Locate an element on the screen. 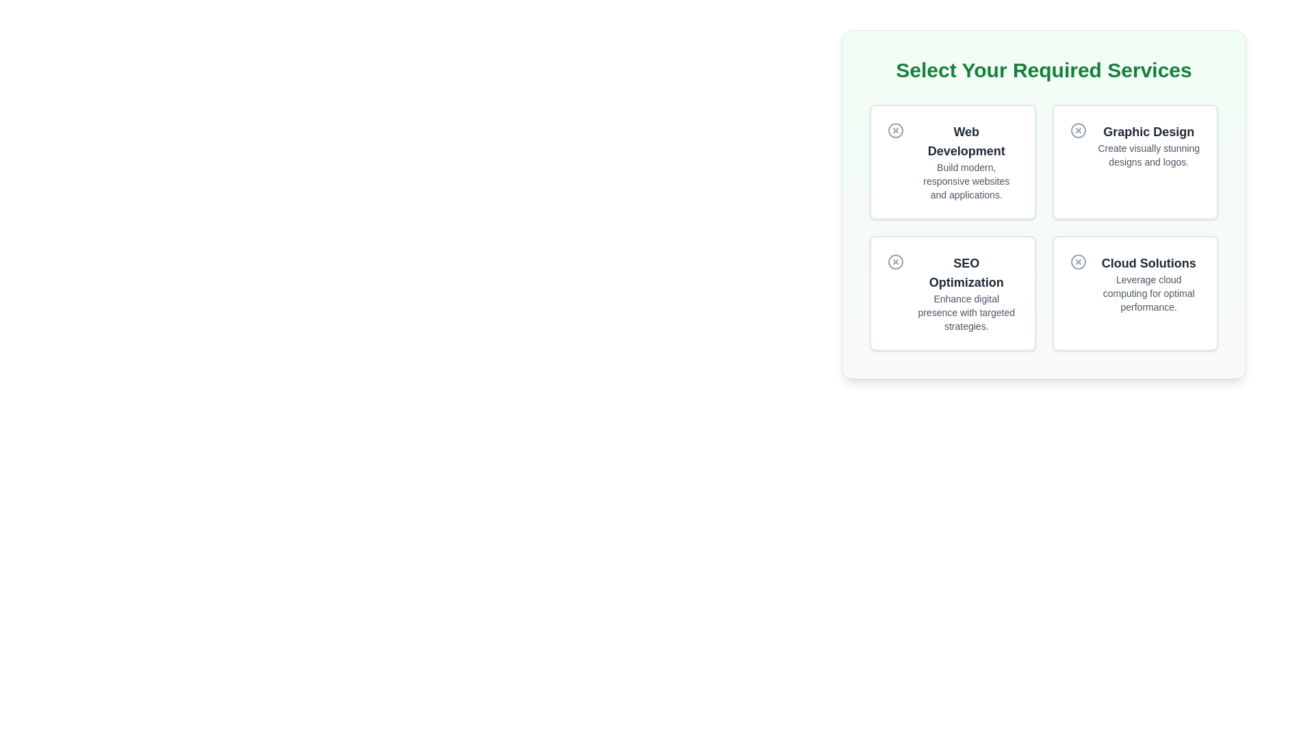 Image resolution: width=1314 pixels, height=739 pixels. the static text header located at the top section of its containing box, just above the service option cards is located at coordinates (1043, 70).